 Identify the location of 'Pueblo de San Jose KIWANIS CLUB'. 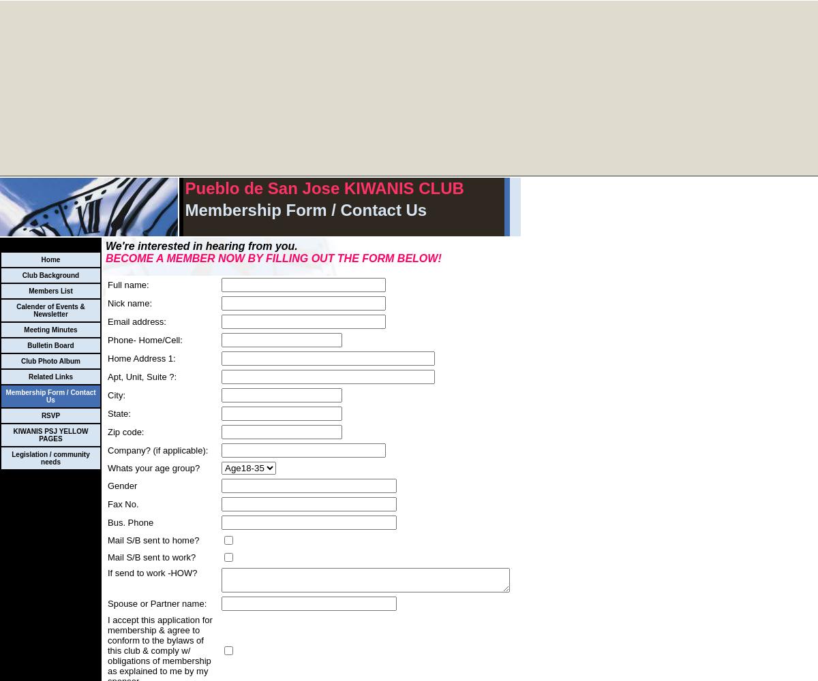
(183, 188).